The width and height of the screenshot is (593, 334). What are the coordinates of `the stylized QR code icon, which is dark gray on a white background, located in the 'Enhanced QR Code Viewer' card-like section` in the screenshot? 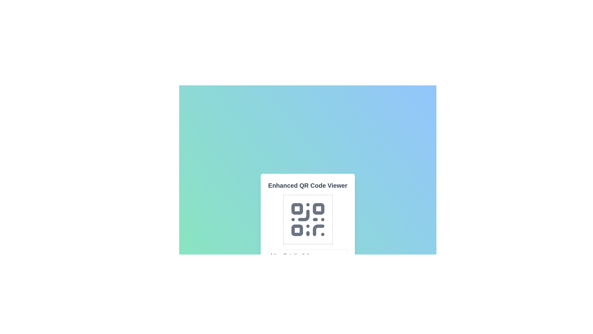 It's located at (308, 219).